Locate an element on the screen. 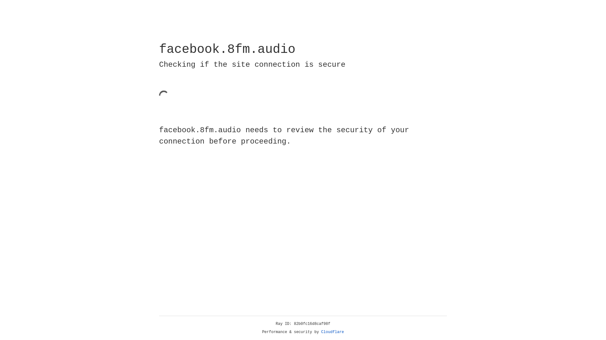 This screenshot has width=606, height=340. 'Cloudflare' is located at coordinates (332, 332).